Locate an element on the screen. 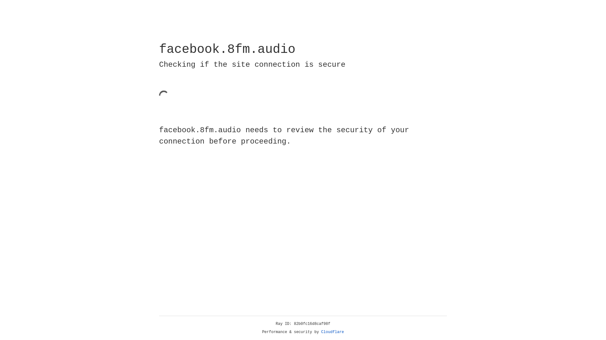 This screenshot has width=606, height=340. 'Cloudflare' is located at coordinates (332, 332).